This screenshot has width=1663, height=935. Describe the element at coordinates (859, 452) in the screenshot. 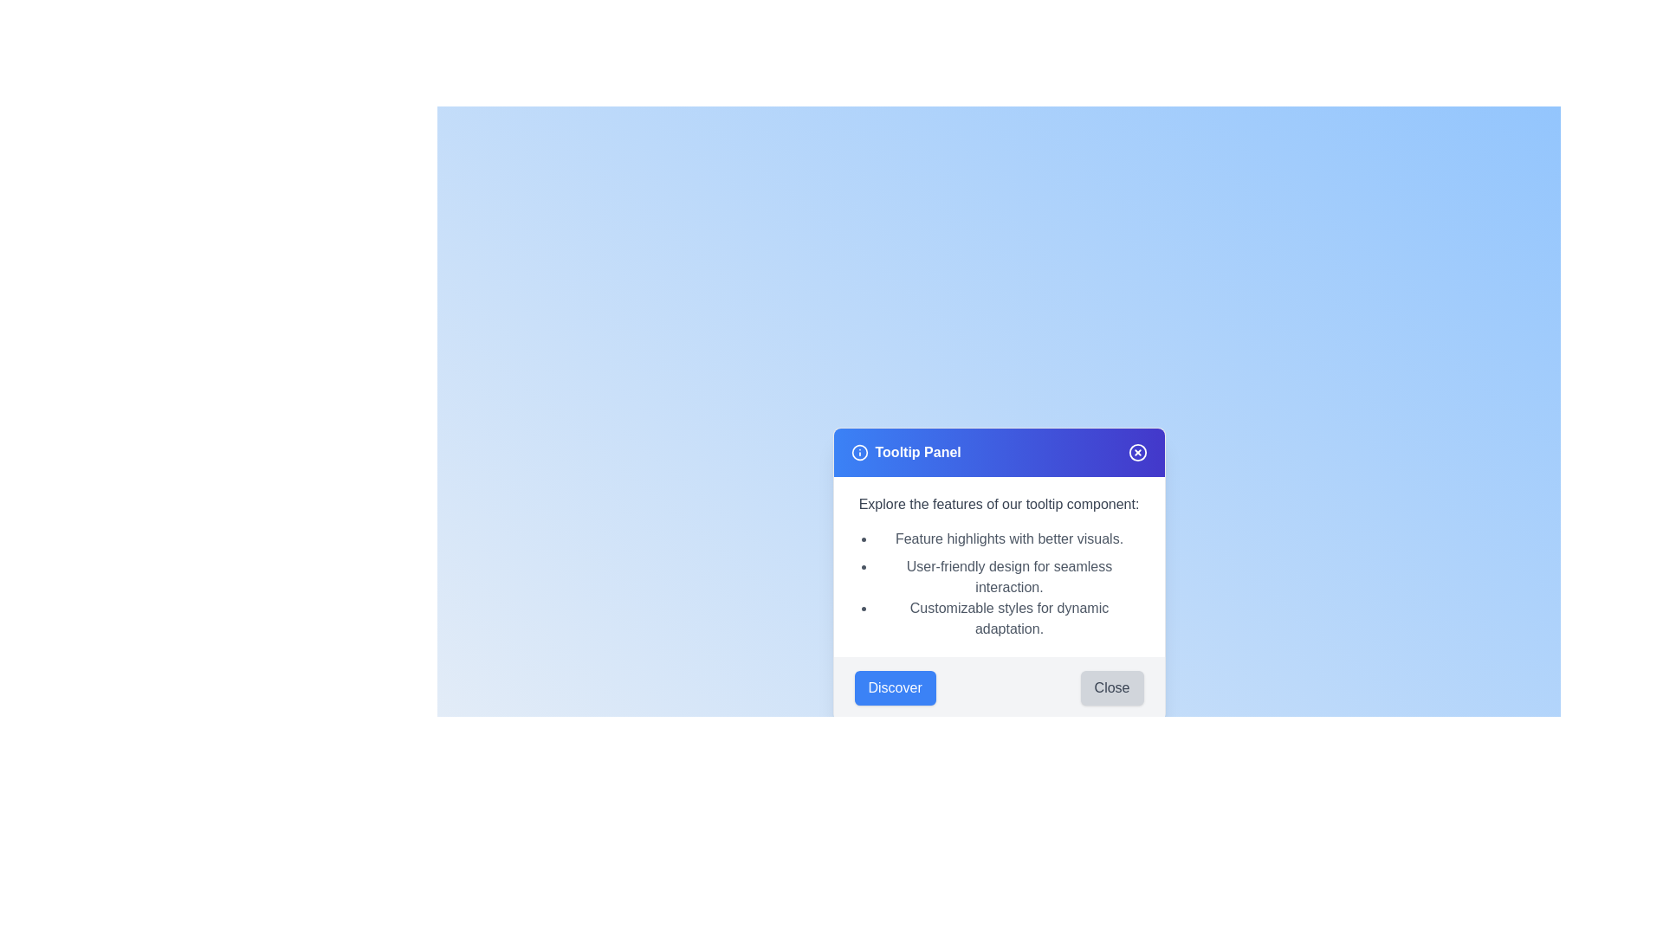

I see `the SVG Circle element located at the top-left corner of the tooltip window, adjacent to the 'Tooltip Panel' heading` at that location.